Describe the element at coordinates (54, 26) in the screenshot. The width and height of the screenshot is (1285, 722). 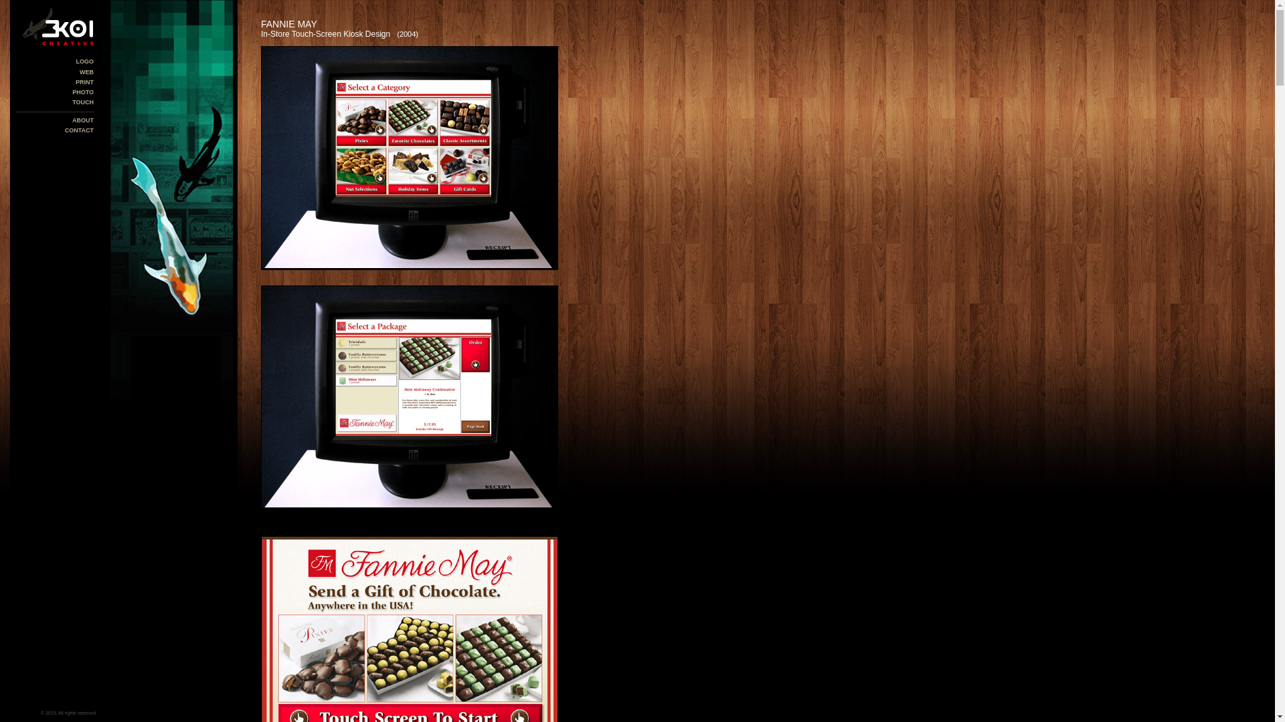
I see `'Creative Design Solutions'` at that location.